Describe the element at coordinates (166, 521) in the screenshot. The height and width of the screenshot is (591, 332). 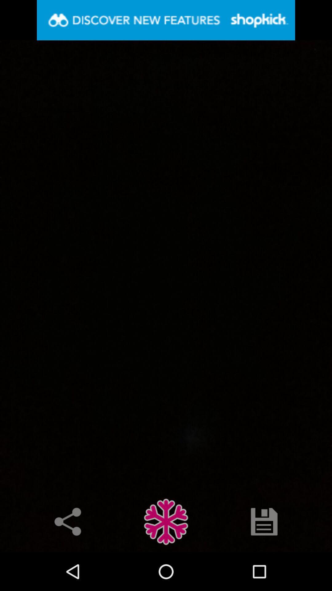
I see `the avatar icon` at that location.